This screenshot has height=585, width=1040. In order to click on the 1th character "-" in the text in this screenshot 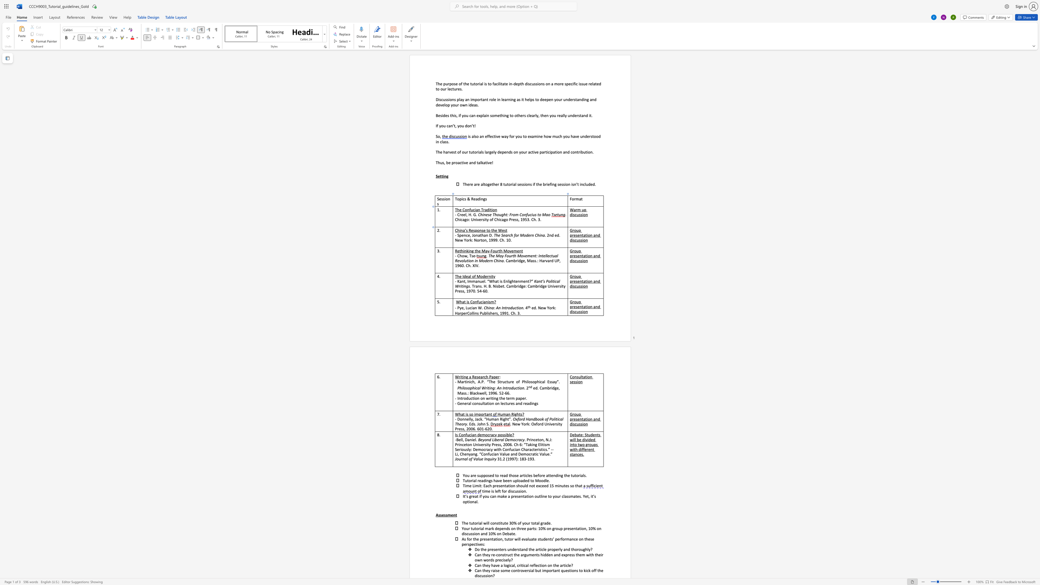, I will do `click(455, 214)`.